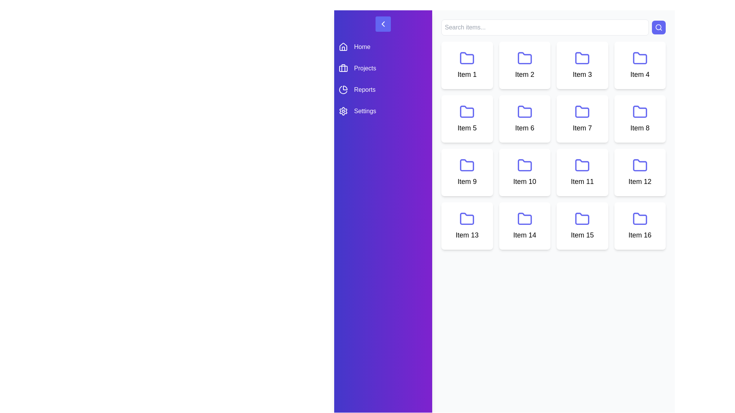  Describe the element at coordinates (383, 47) in the screenshot. I see `the menu item Home to navigate to the corresponding section` at that location.